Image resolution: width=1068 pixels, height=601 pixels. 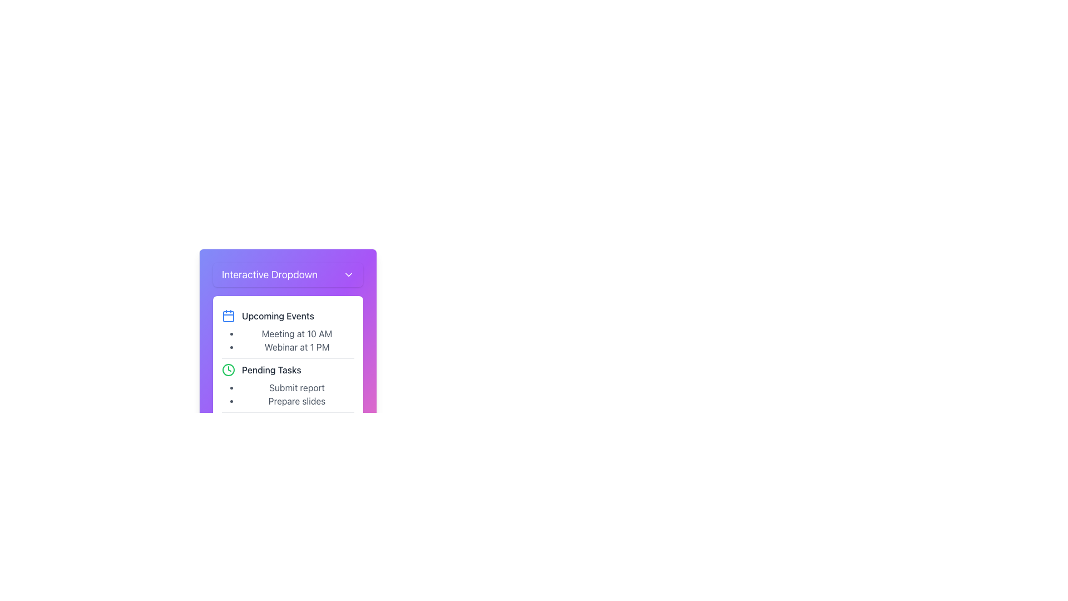 What do you see at coordinates (296, 347) in the screenshot?
I see `text displayed in the second item of the bulleted list under the 'Upcoming Events' header, which indicates the scheduled time of the webinar` at bounding box center [296, 347].